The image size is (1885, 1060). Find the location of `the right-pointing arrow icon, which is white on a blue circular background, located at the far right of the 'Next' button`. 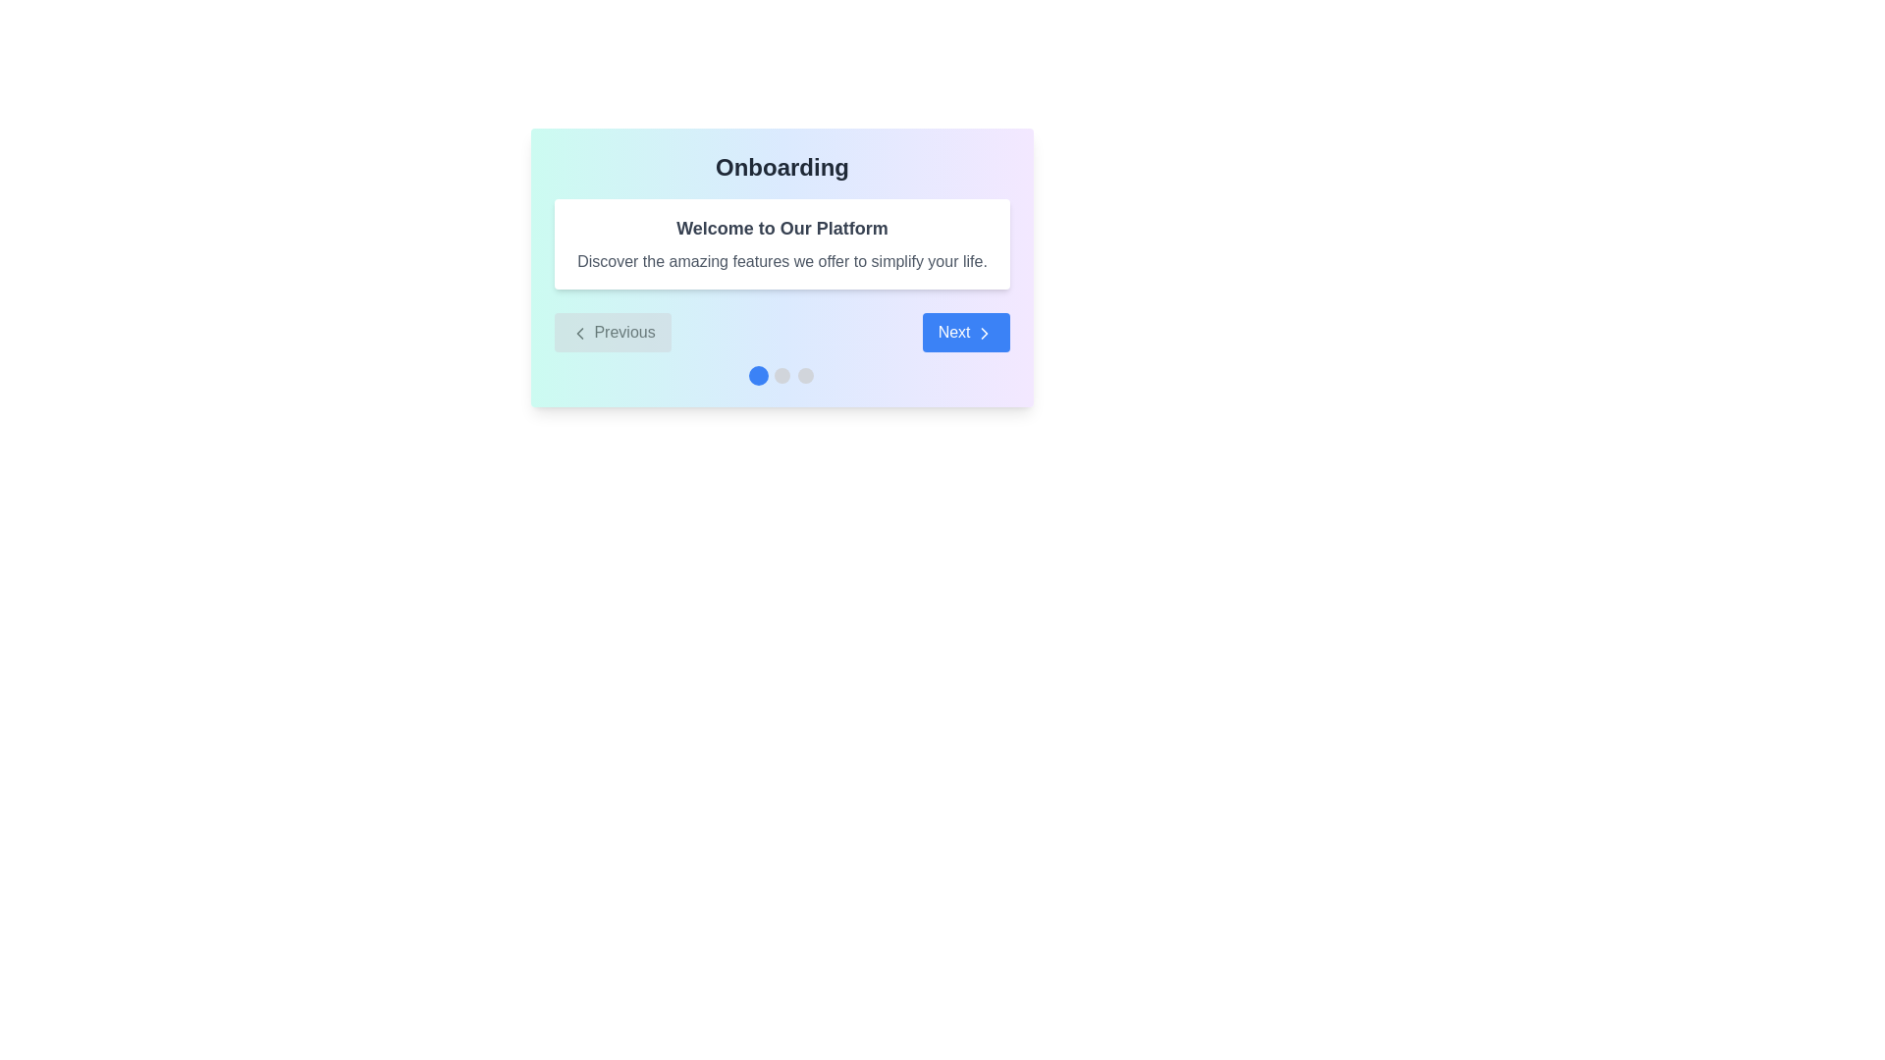

the right-pointing arrow icon, which is white on a blue circular background, located at the far right of the 'Next' button is located at coordinates (985, 332).